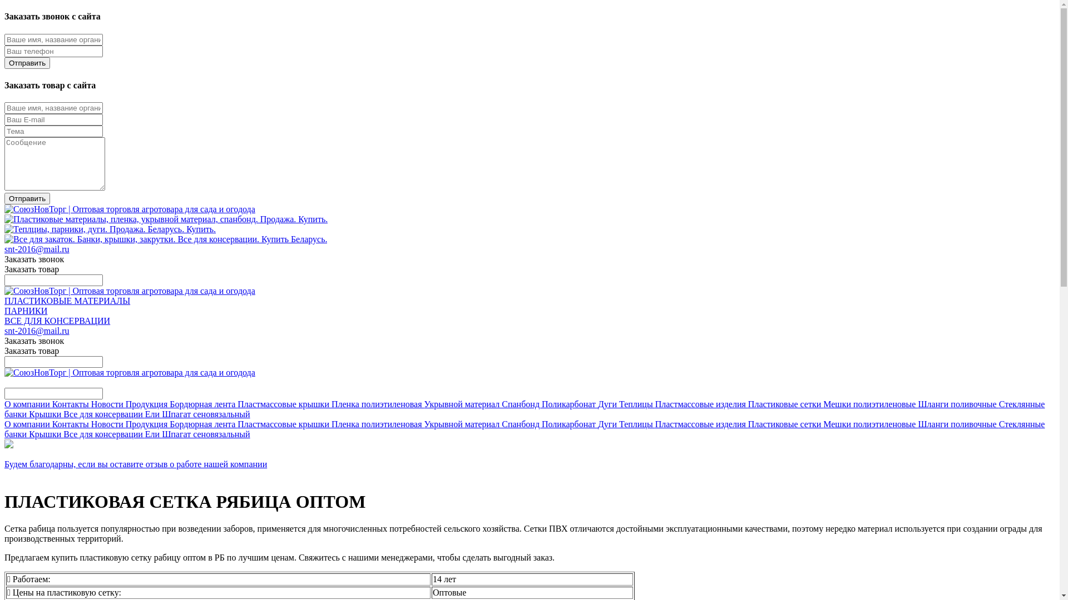 Image resolution: width=1068 pixels, height=600 pixels. What do you see at coordinates (37, 248) in the screenshot?
I see `'snt-2016@mail.ru'` at bounding box center [37, 248].